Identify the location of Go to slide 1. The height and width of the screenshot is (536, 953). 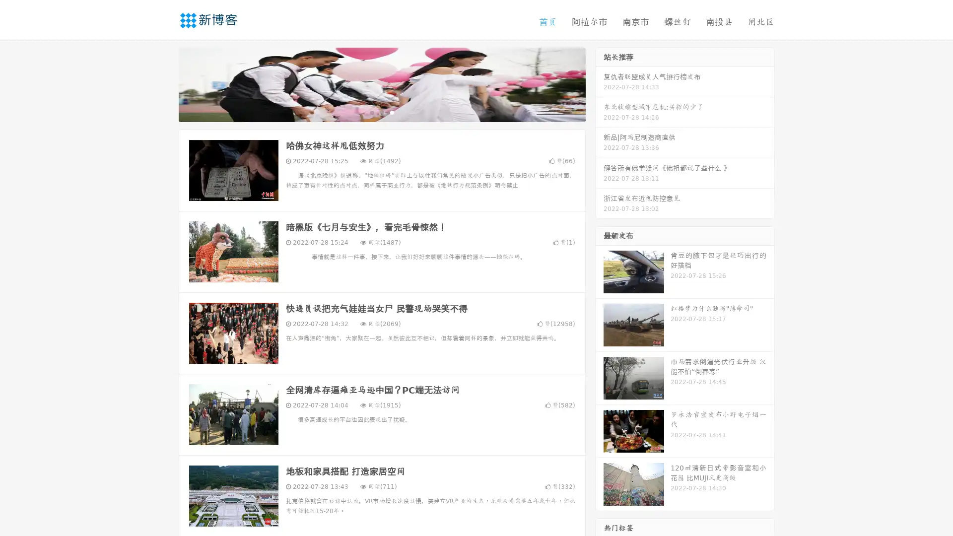
(371, 112).